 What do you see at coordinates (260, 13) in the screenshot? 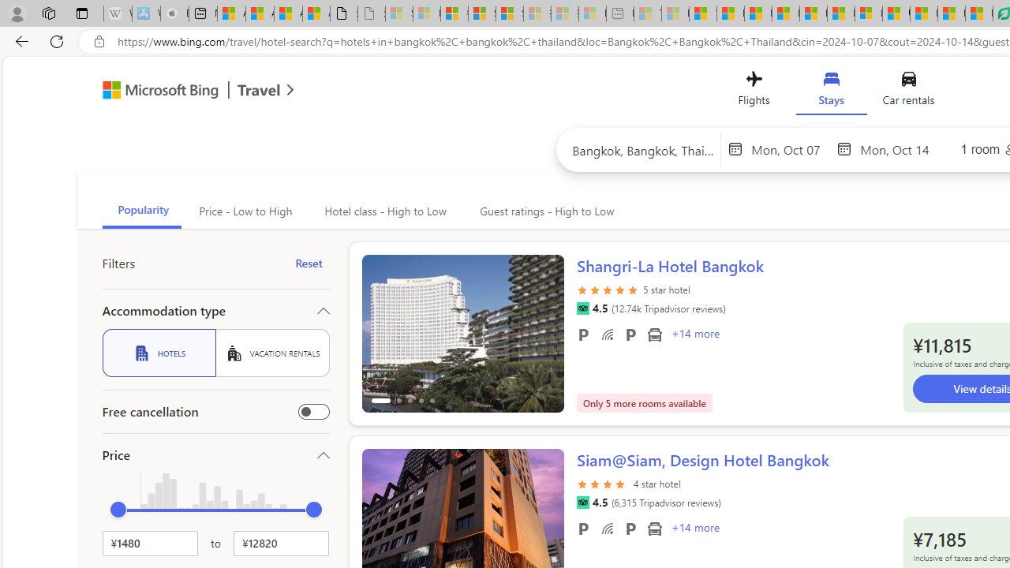
I see `'Aberdeen, Hong Kong SAR weather forecast | Microsoft Weather'` at bounding box center [260, 13].